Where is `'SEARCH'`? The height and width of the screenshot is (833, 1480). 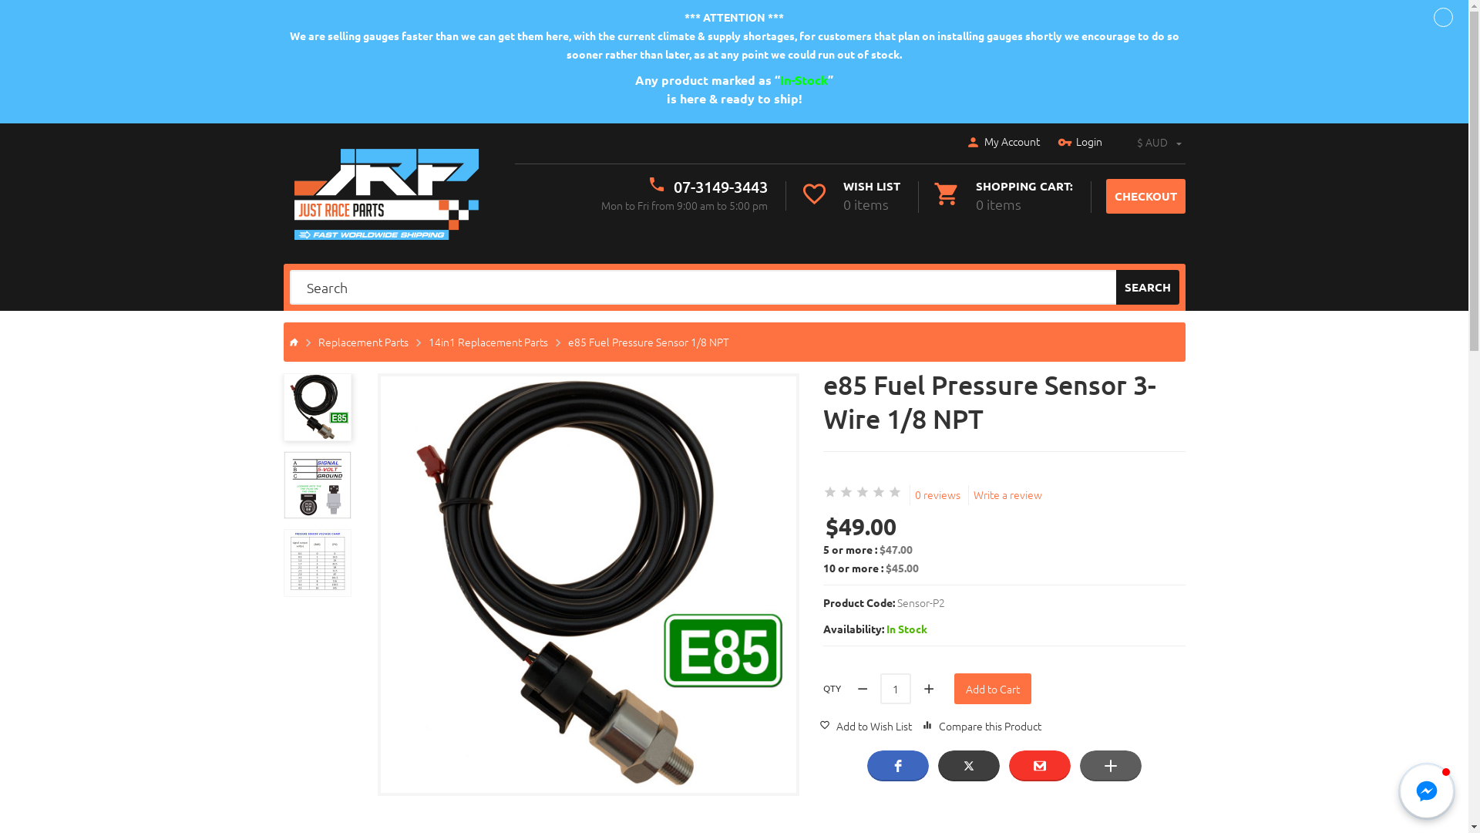
'SEARCH' is located at coordinates (1147, 287).